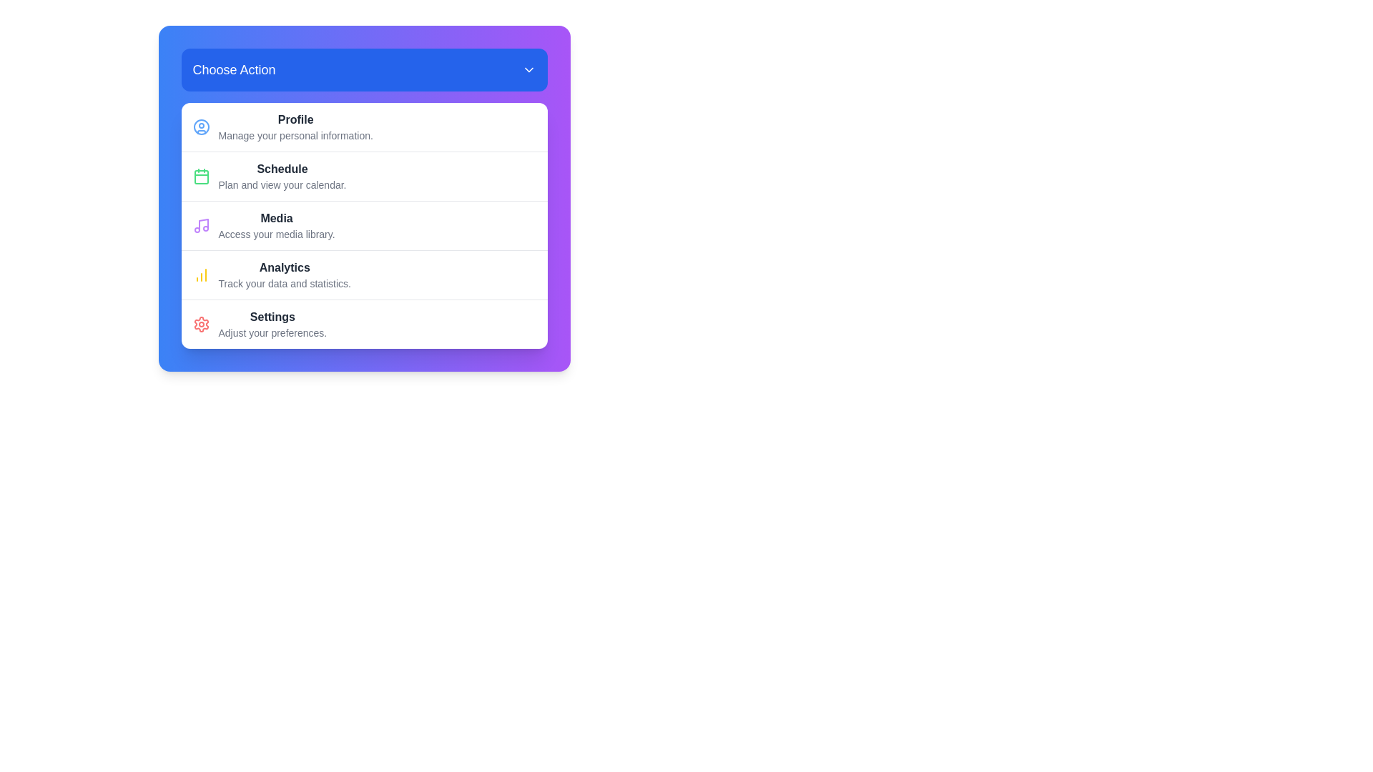 The width and height of the screenshot is (1373, 772). Describe the element at coordinates (200, 176) in the screenshot. I see `the decorative SVG rectangle with a green outline, positioned centrally within the calendar icon, located to the left of the 'Schedule' label in the second row of the list` at that location.